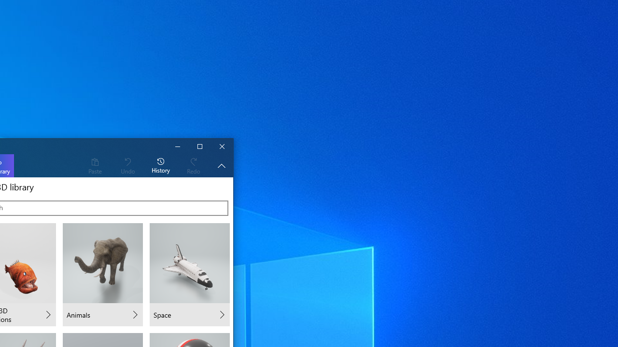 This screenshot has height=347, width=618. What do you see at coordinates (193, 165) in the screenshot?
I see `'Redo'` at bounding box center [193, 165].